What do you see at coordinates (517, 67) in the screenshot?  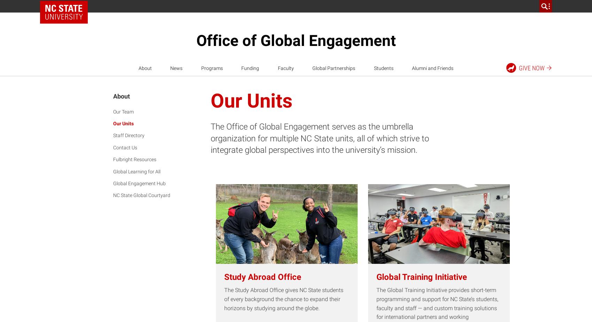 I see `'Give'` at bounding box center [517, 67].